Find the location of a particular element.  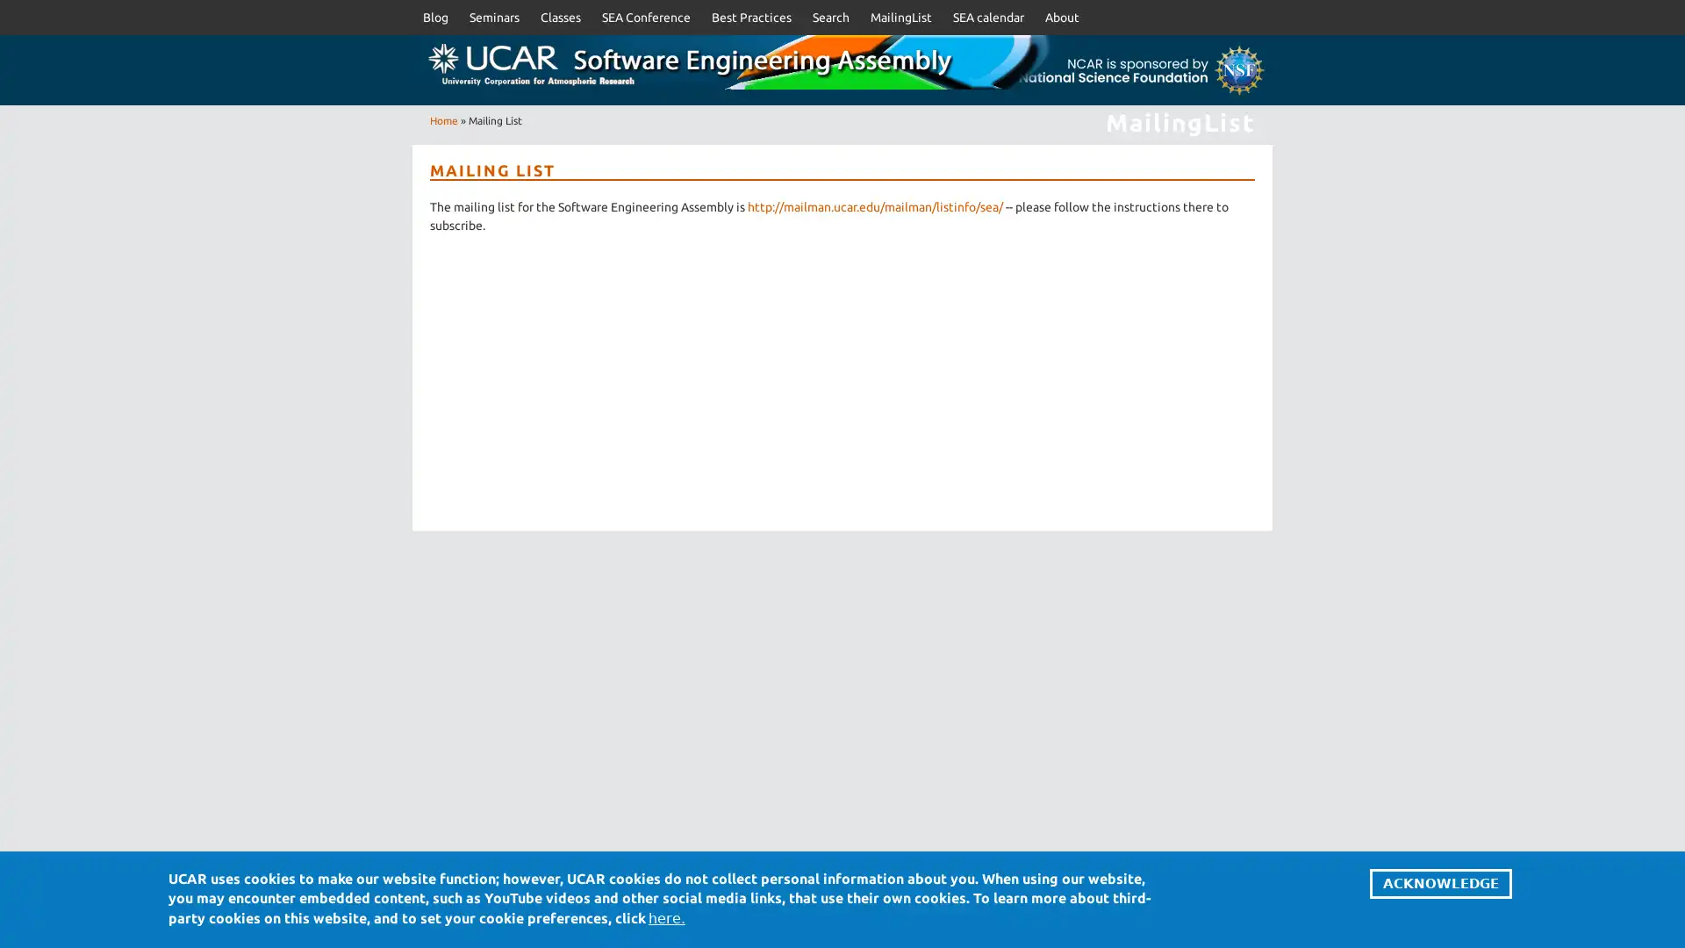

ACKNOWLEDGE is located at coordinates (1440, 883).